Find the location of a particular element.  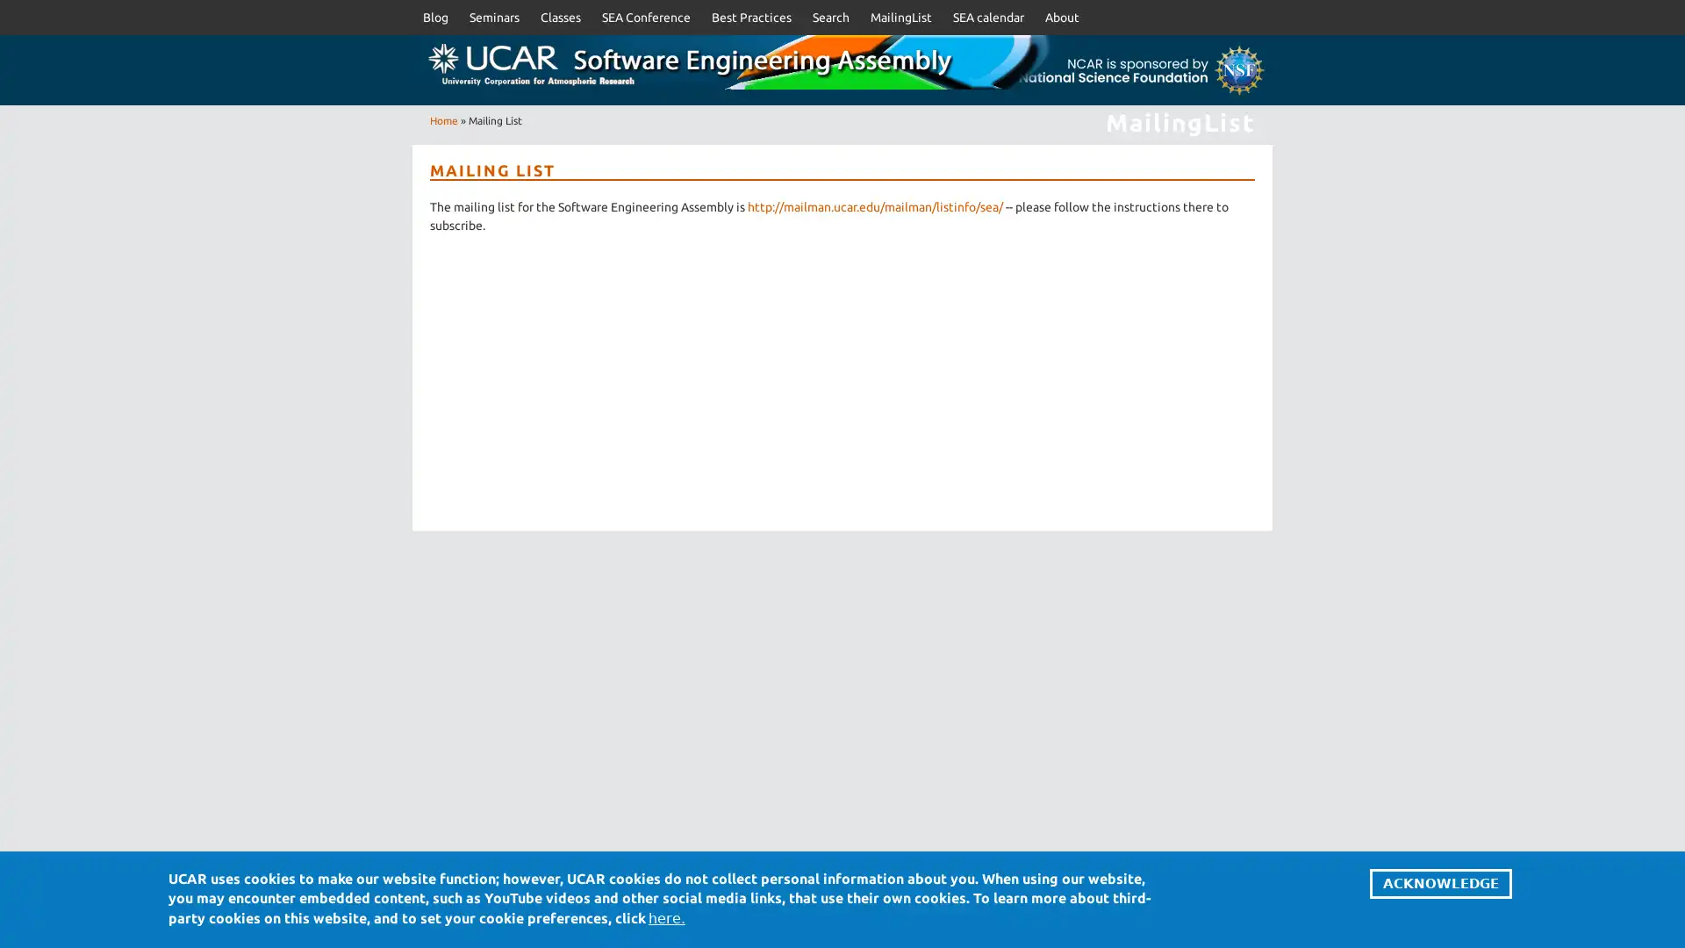

ACKNOWLEDGE is located at coordinates (1440, 883).